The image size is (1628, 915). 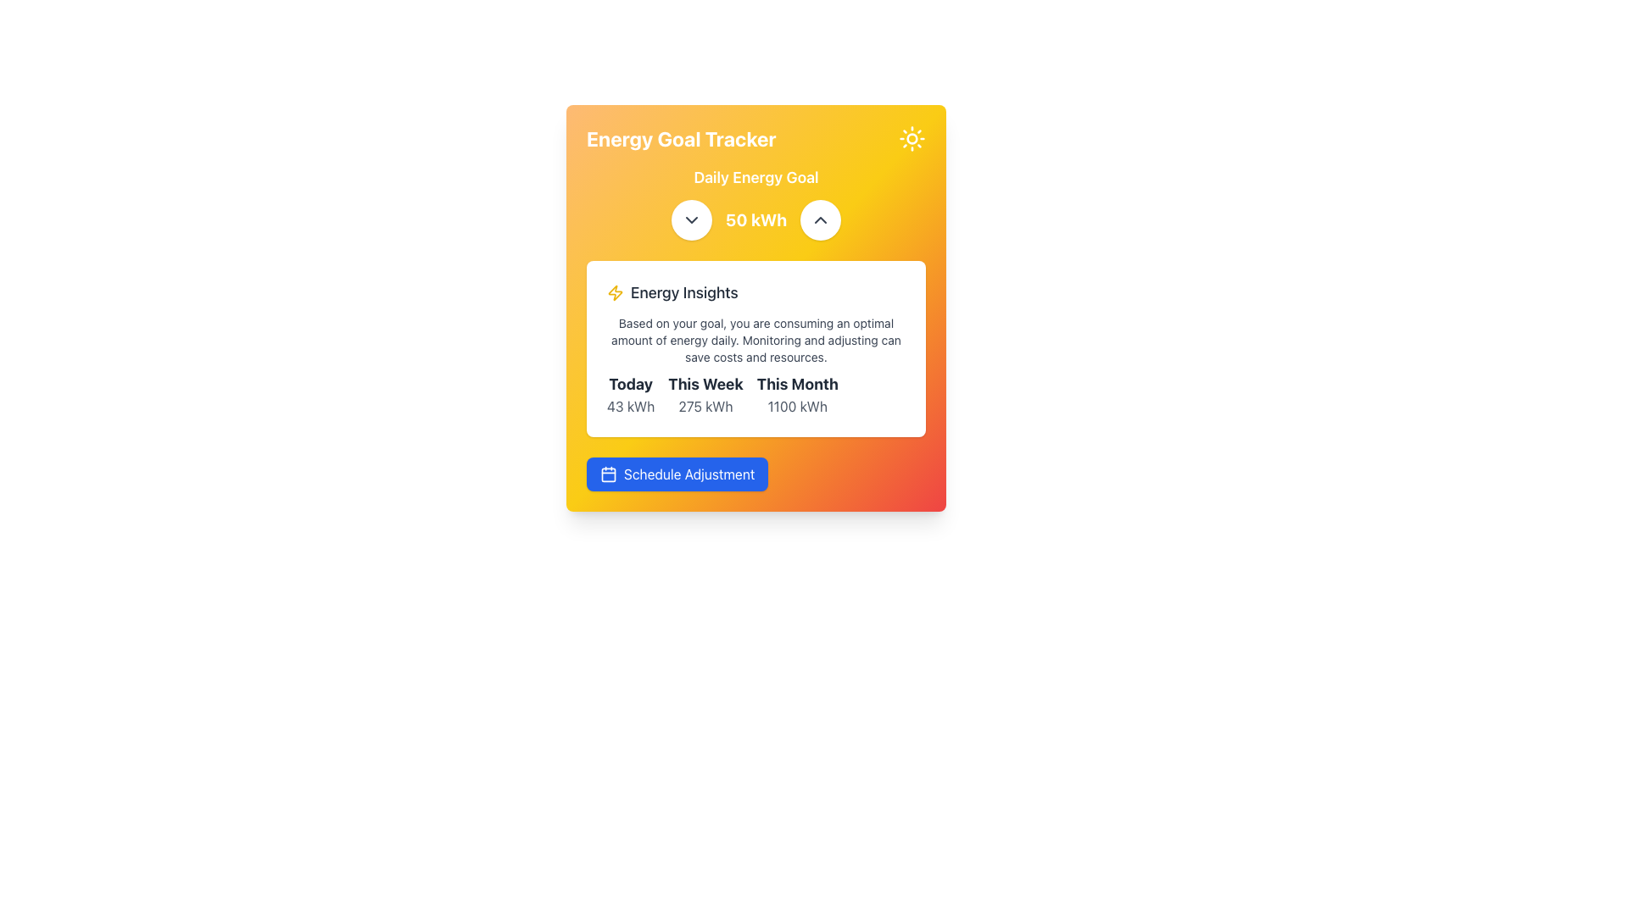 I want to click on the header text labeled 'Energy Goal Tracker' which is styled in bold white font on a gradient orange-yellow background, located at the top section of the card, so click(x=755, y=138).